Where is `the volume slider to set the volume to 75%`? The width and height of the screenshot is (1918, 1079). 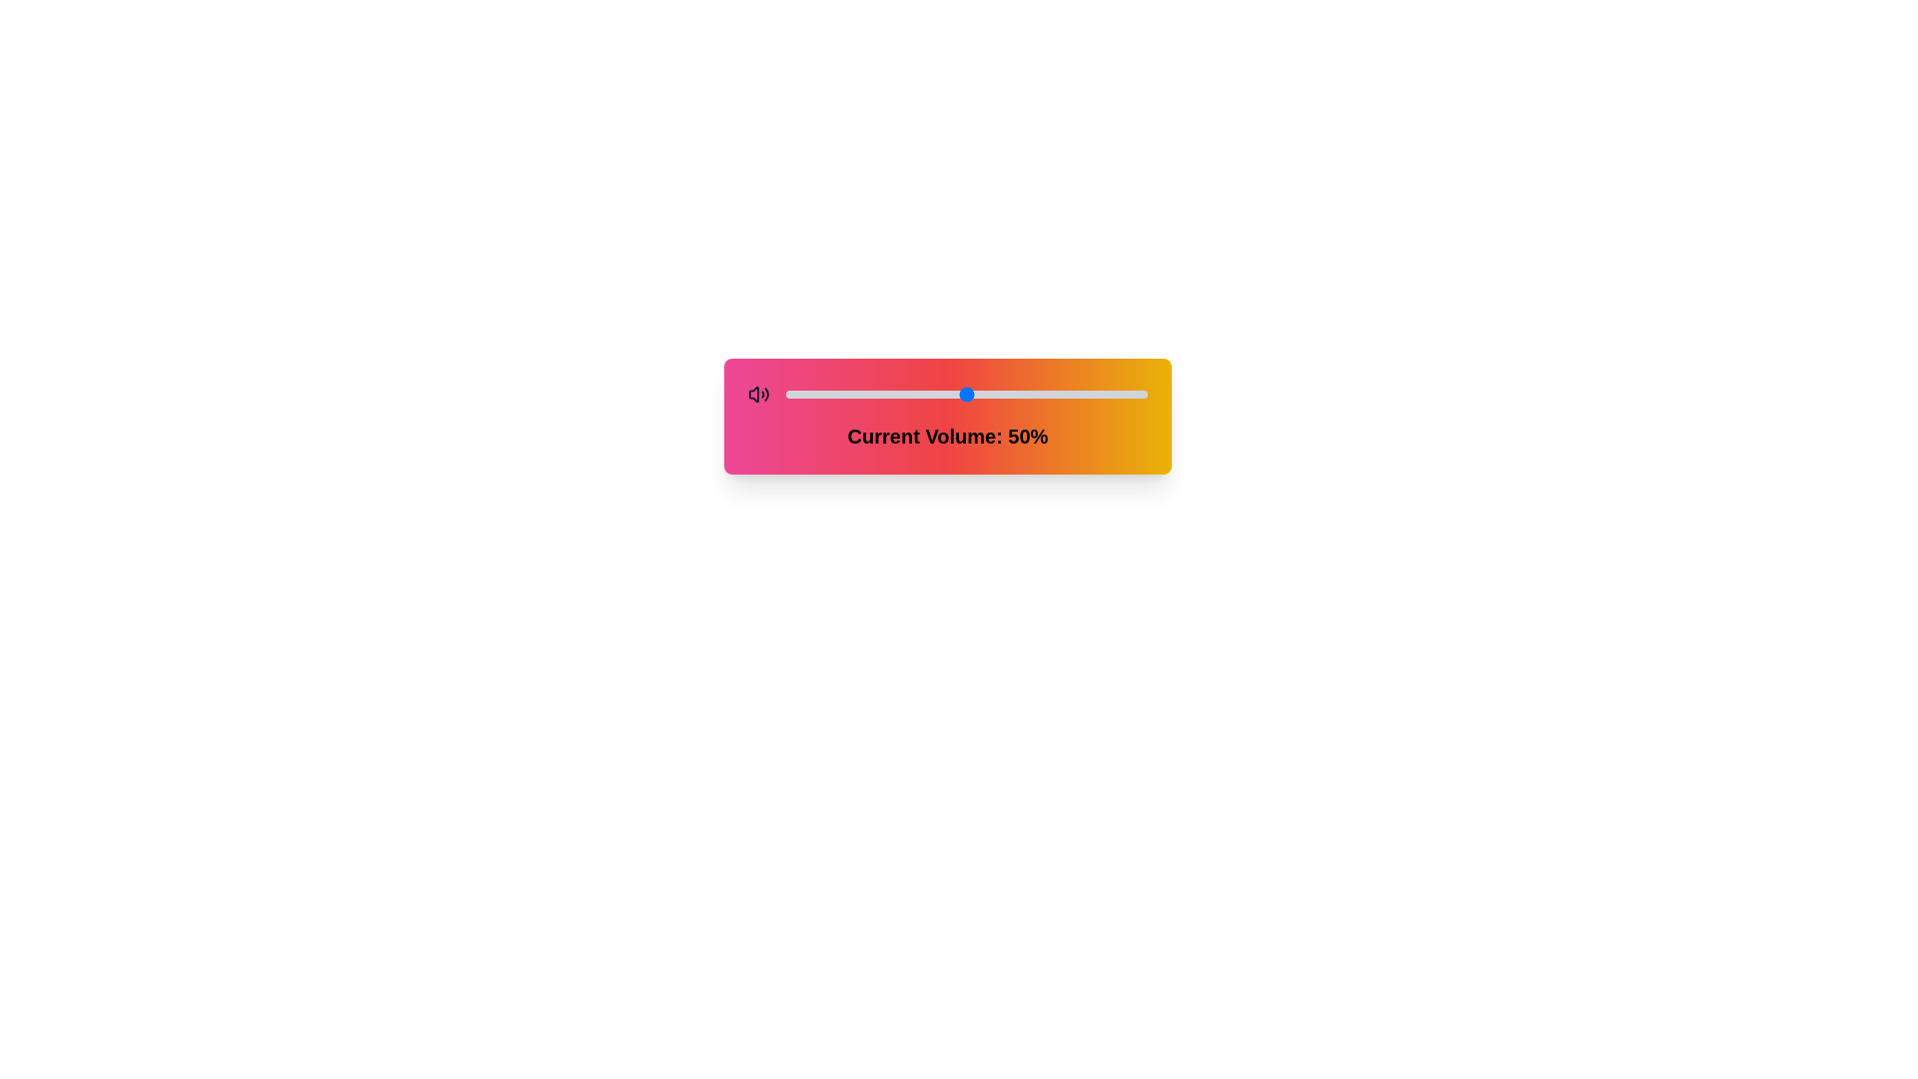
the volume slider to set the volume to 75% is located at coordinates (1056, 394).